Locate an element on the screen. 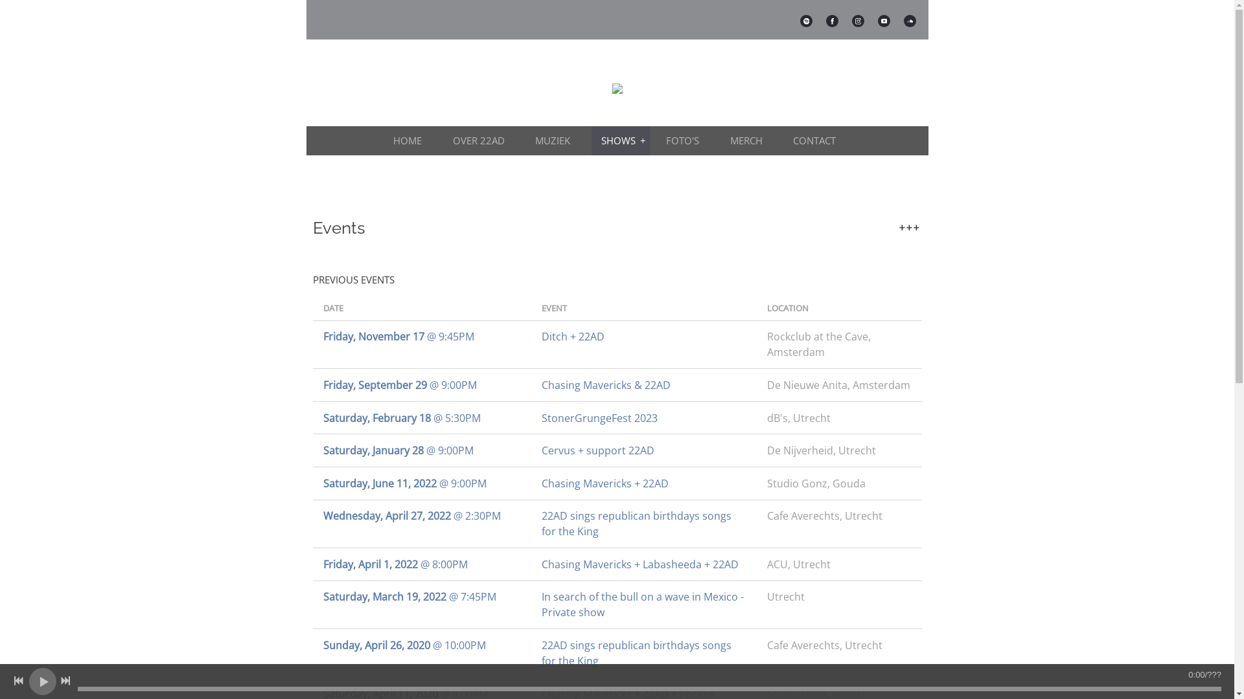 The height and width of the screenshot is (699, 1244). 'Previous track' is located at coordinates (18, 680).